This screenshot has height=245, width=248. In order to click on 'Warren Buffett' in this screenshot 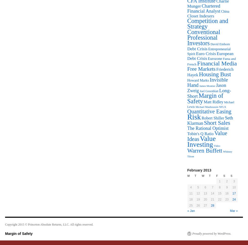, I will do `click(204, 150)`.